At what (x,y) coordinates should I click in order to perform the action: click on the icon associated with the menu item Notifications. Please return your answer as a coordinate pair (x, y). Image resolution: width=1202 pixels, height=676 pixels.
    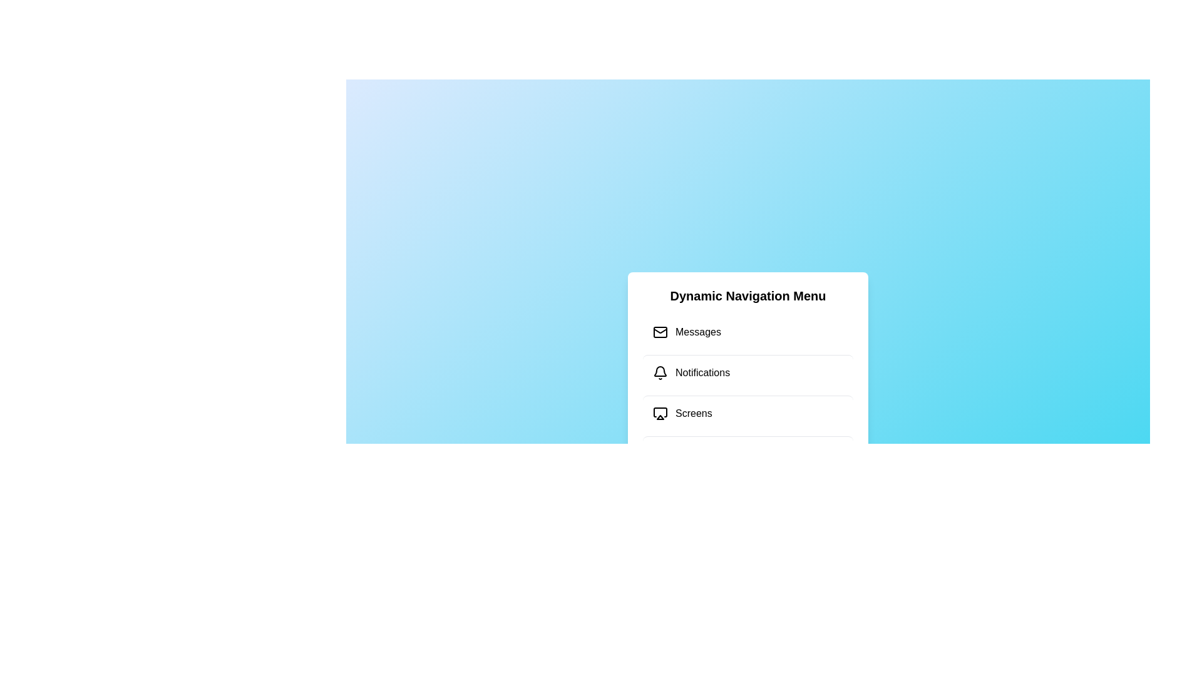
    Looking at the image, I should click on (660, 372).